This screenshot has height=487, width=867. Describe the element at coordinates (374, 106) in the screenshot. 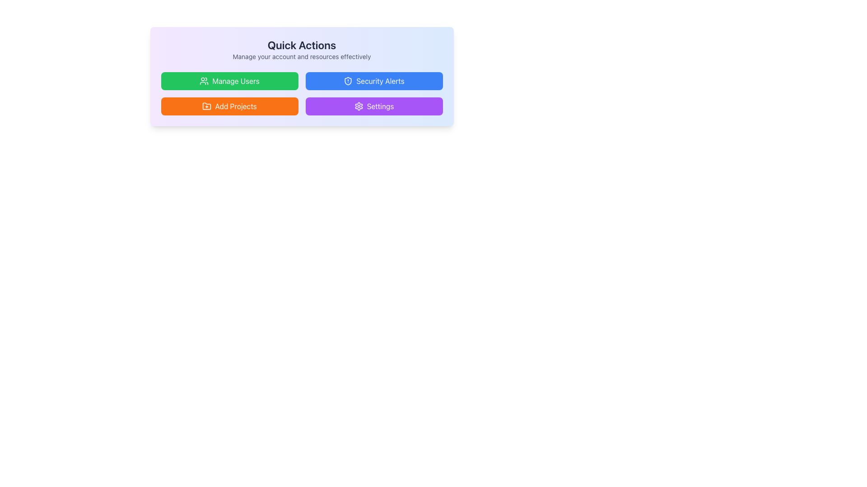

I see `the 'Settings' button, which is a rectangular button with a purple background and a gear icon on the left, positioned in the bottom-right corner of a four-button grid layout` at that location.